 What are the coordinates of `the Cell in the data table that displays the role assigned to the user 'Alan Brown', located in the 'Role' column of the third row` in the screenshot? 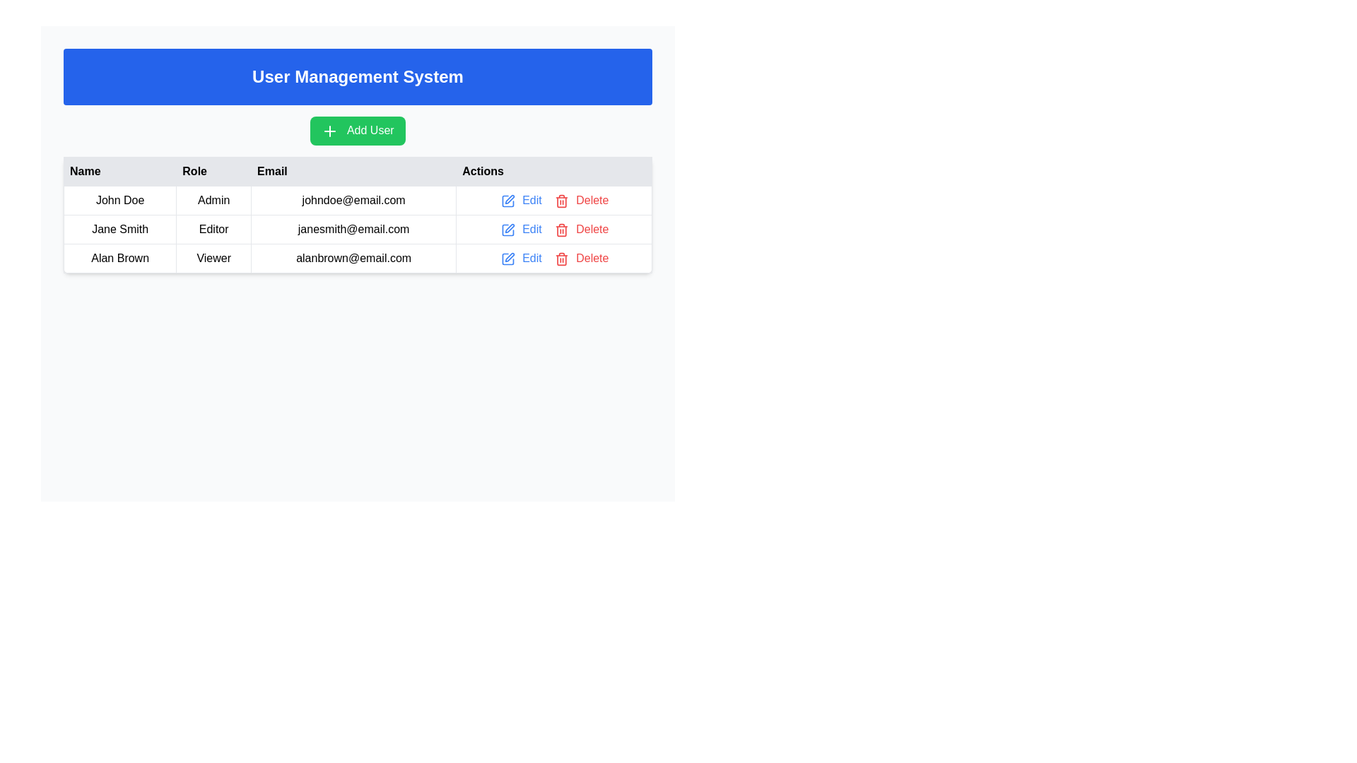 It's located at (213, 258).